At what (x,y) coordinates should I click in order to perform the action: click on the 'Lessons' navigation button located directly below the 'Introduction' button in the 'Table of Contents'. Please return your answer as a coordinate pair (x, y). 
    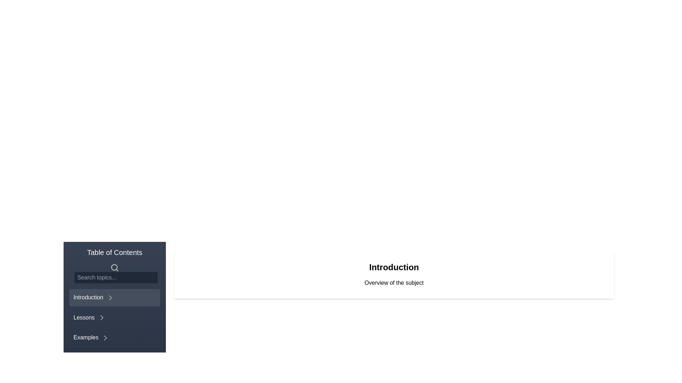
    Looking at the image, I should click on (114, 317).